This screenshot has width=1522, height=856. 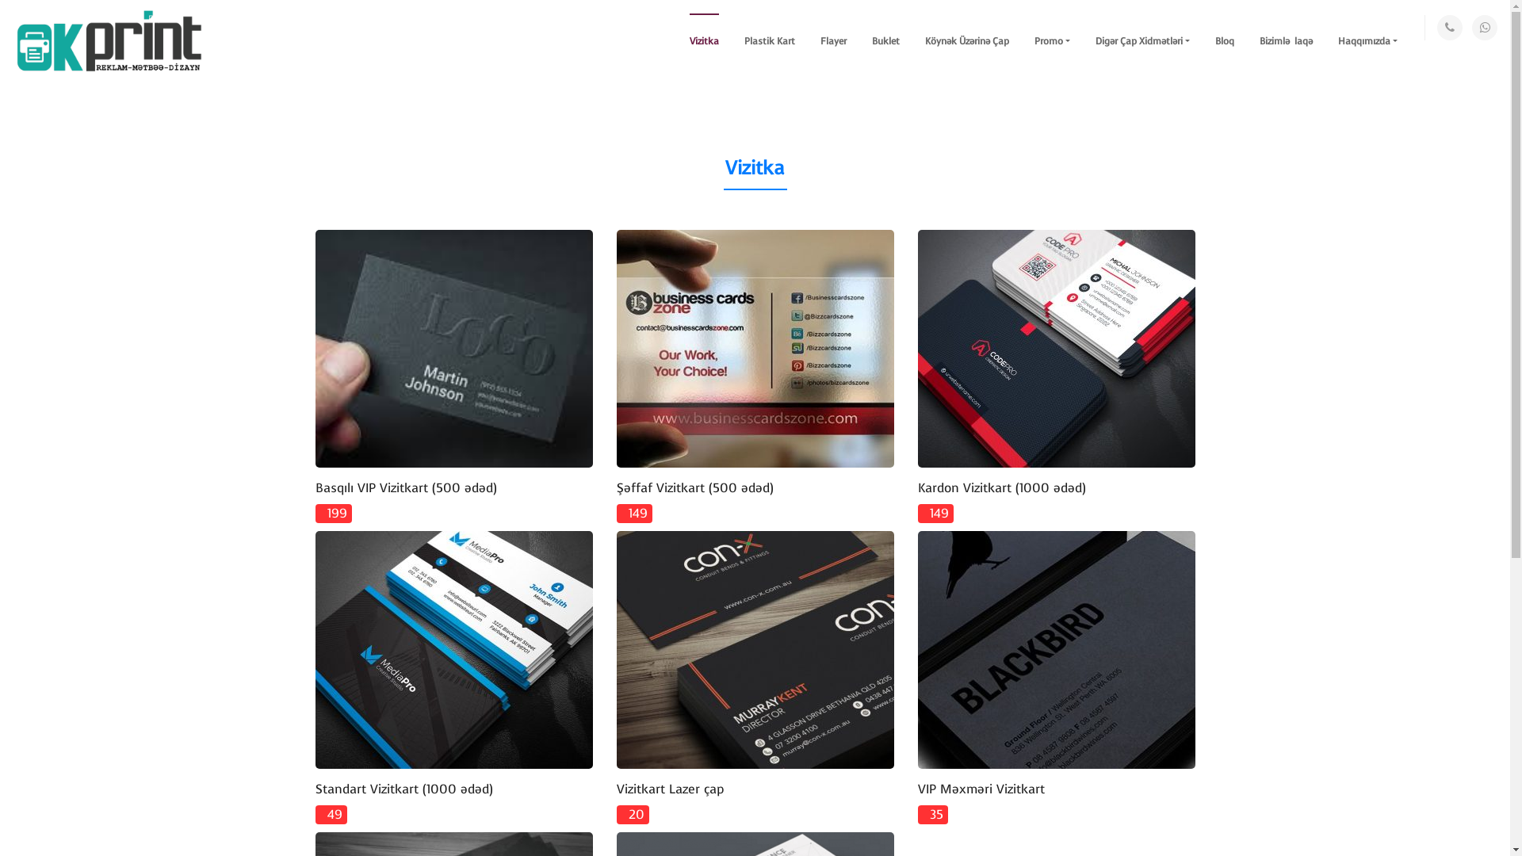 I want to click on 'Vizitka', so click(x=703, y=40).